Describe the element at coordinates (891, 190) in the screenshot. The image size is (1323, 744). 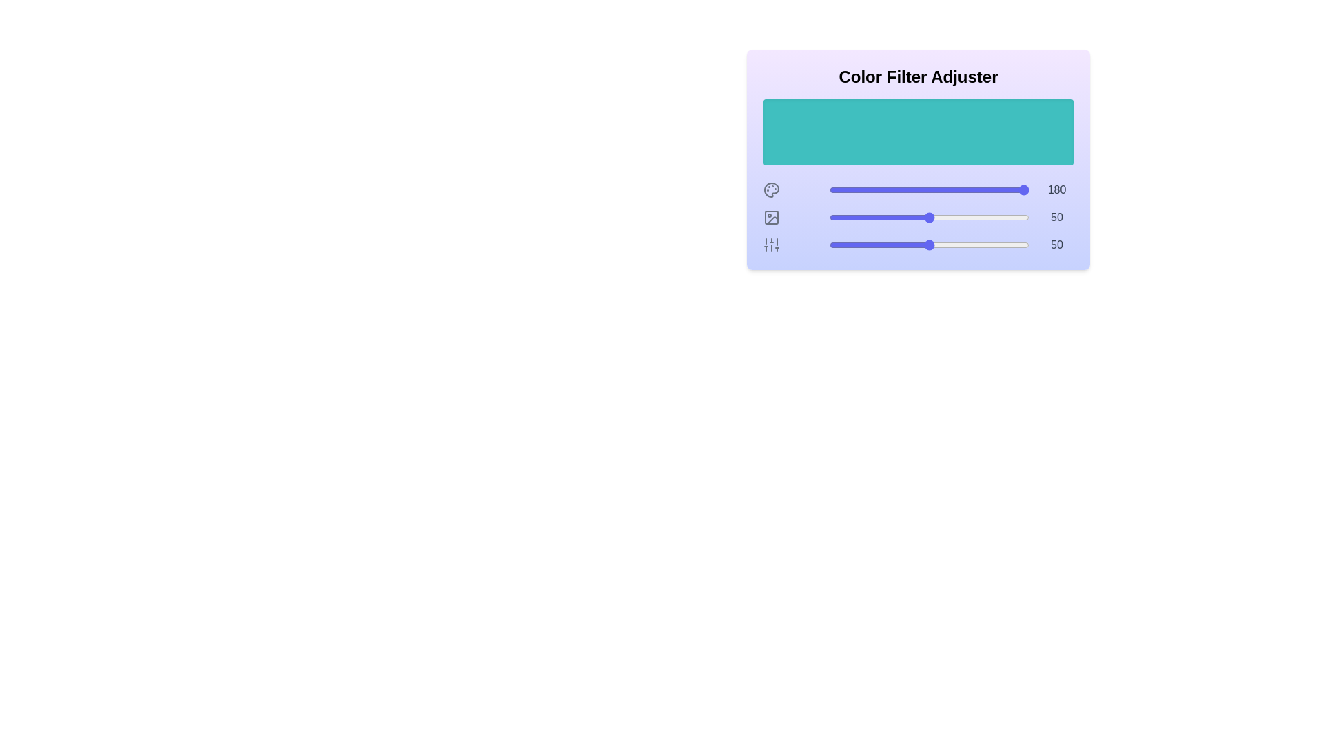
I see `the Hue slider to a value of 31` at that location.